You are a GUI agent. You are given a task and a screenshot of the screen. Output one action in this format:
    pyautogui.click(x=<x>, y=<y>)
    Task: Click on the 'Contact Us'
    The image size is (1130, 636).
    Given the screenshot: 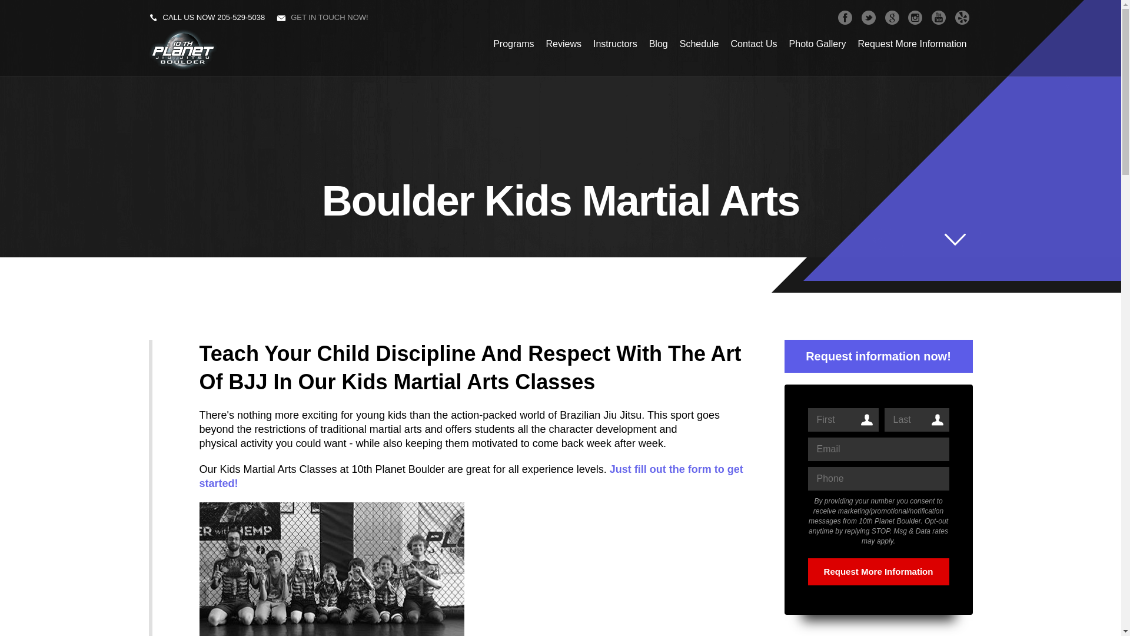 What is the action you would take?
    pyautogui.click(x=753, y=43)
    